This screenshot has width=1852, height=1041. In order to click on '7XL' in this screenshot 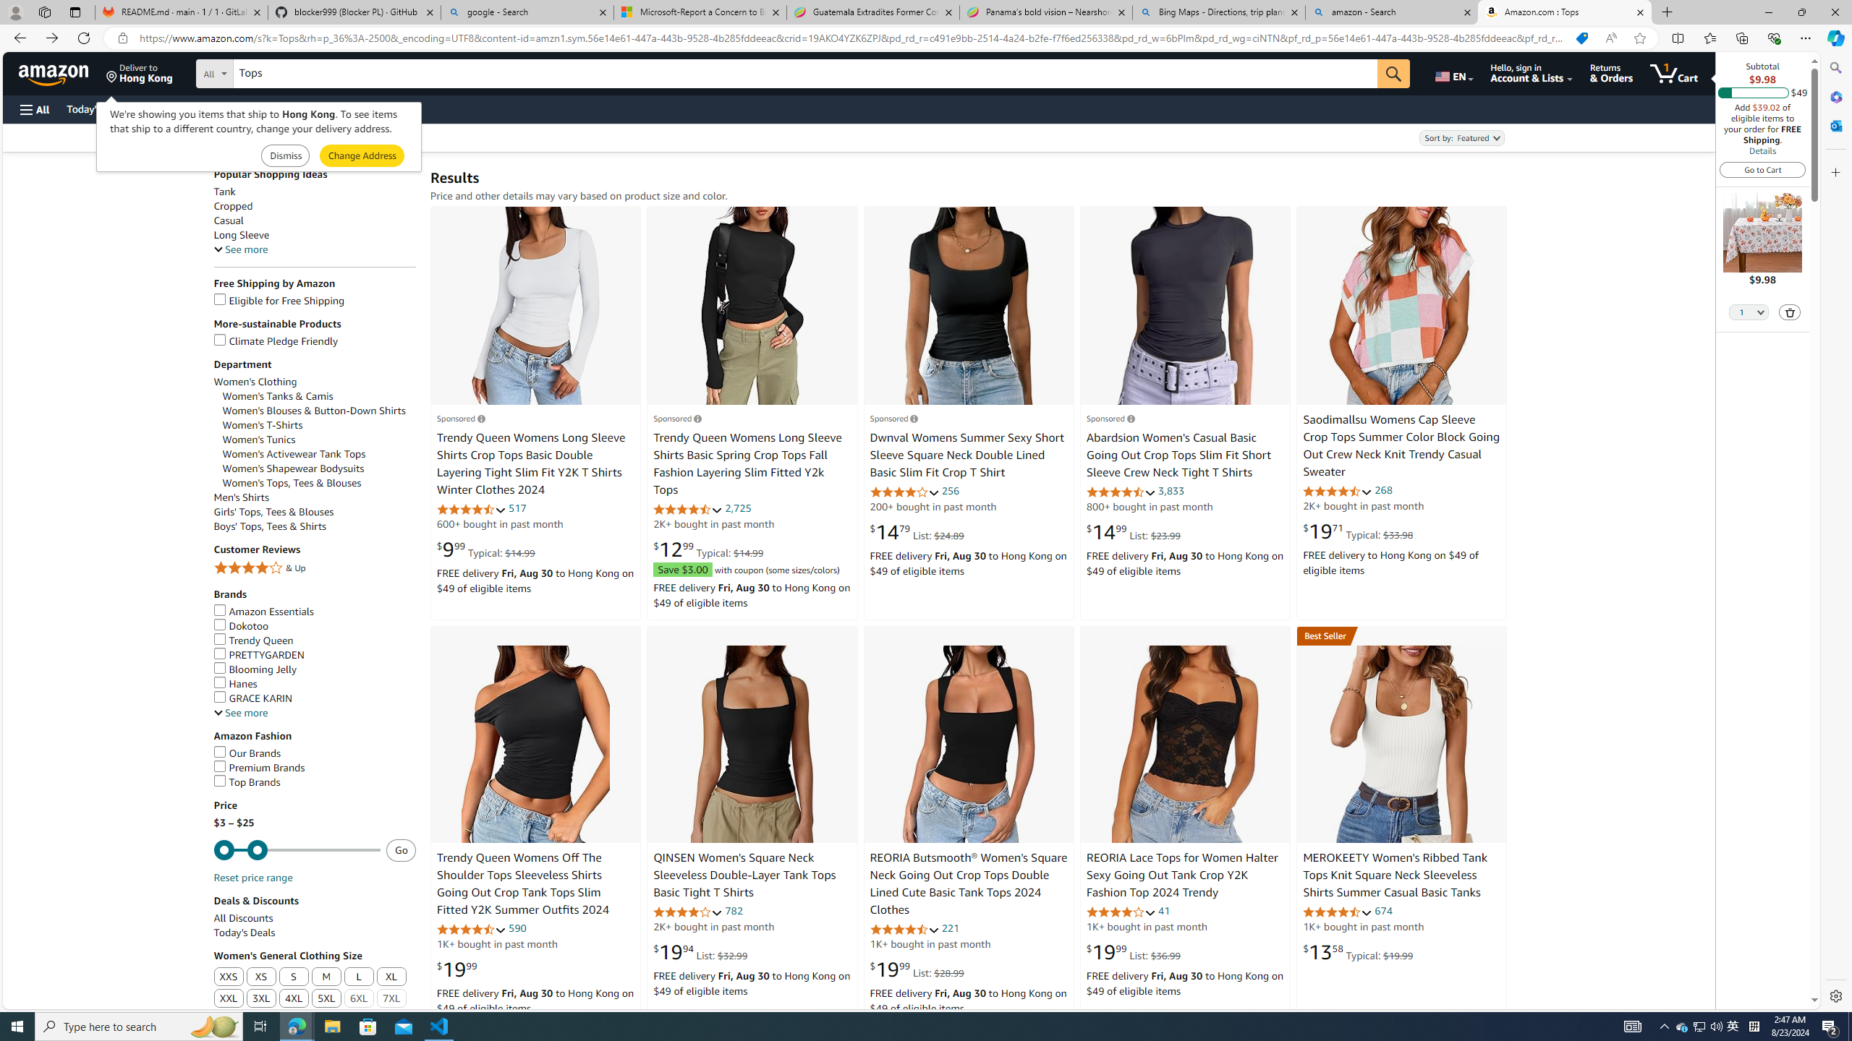, I will do `click(391, 999)`.